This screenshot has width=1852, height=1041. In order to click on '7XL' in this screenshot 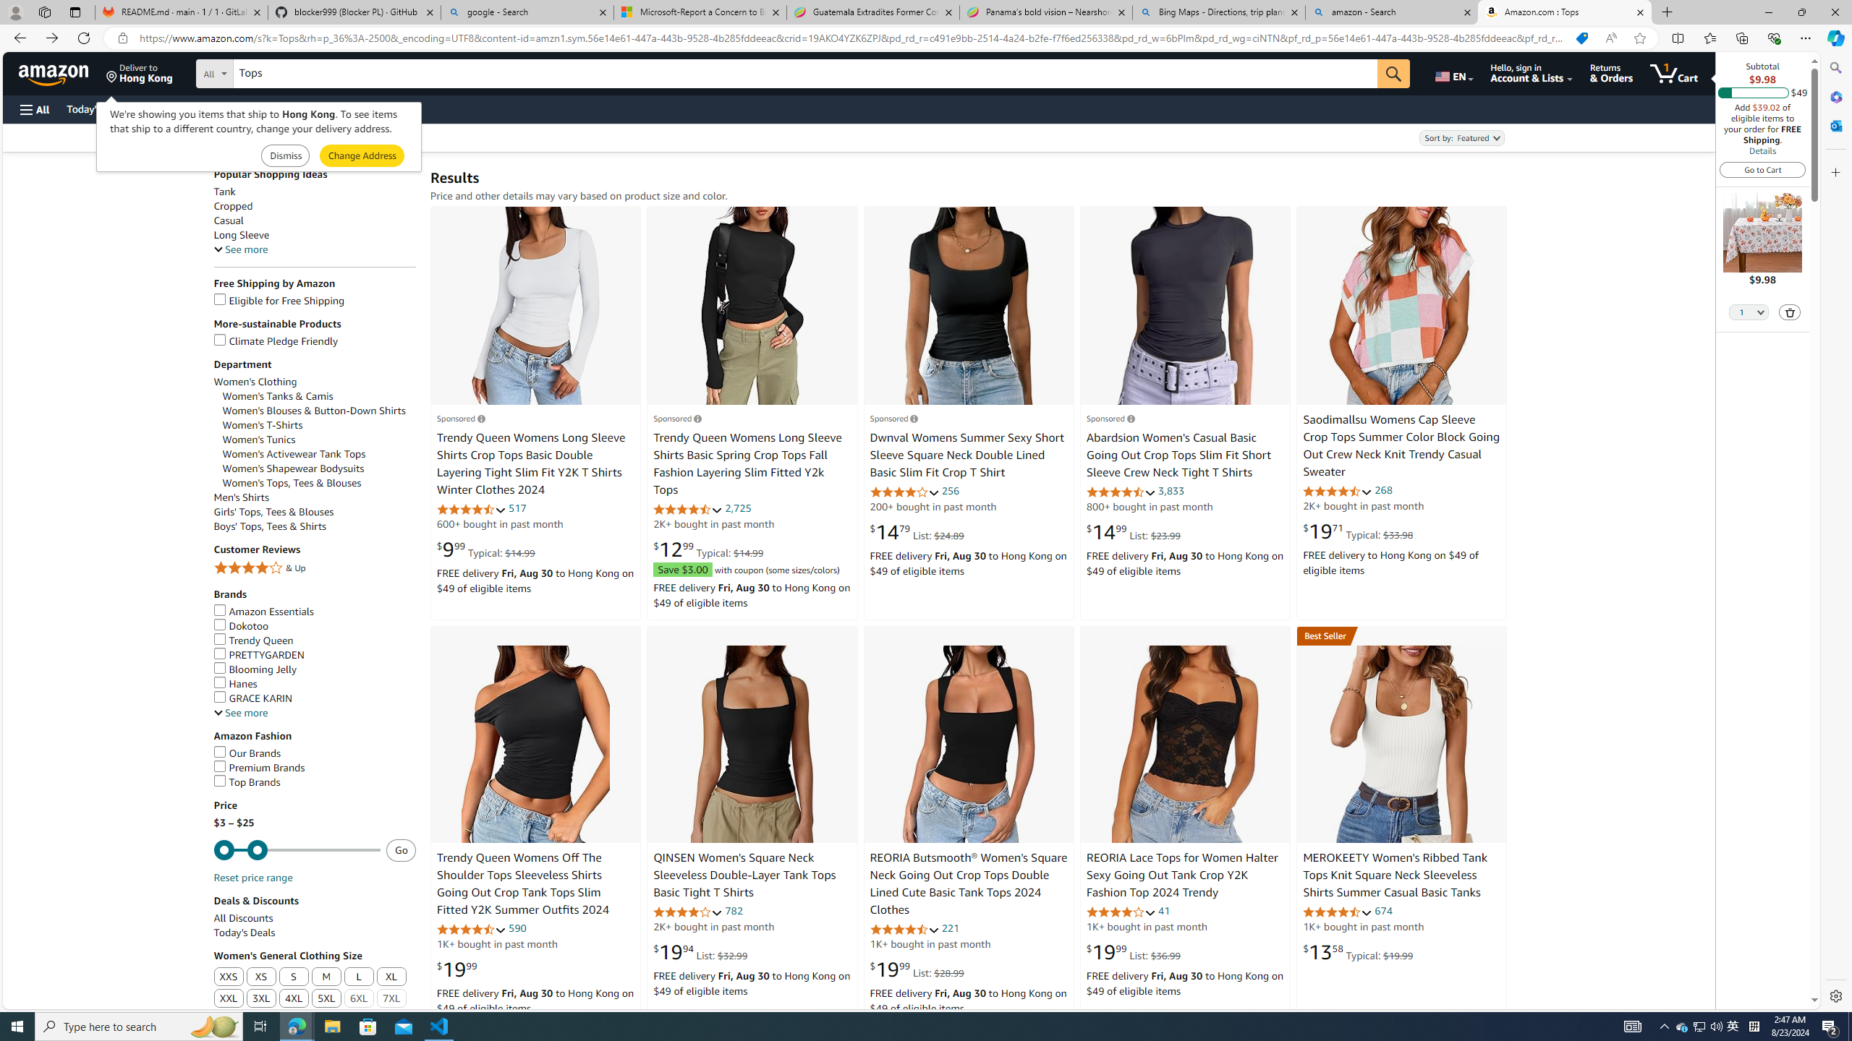, I will do `click(391, 999)`.